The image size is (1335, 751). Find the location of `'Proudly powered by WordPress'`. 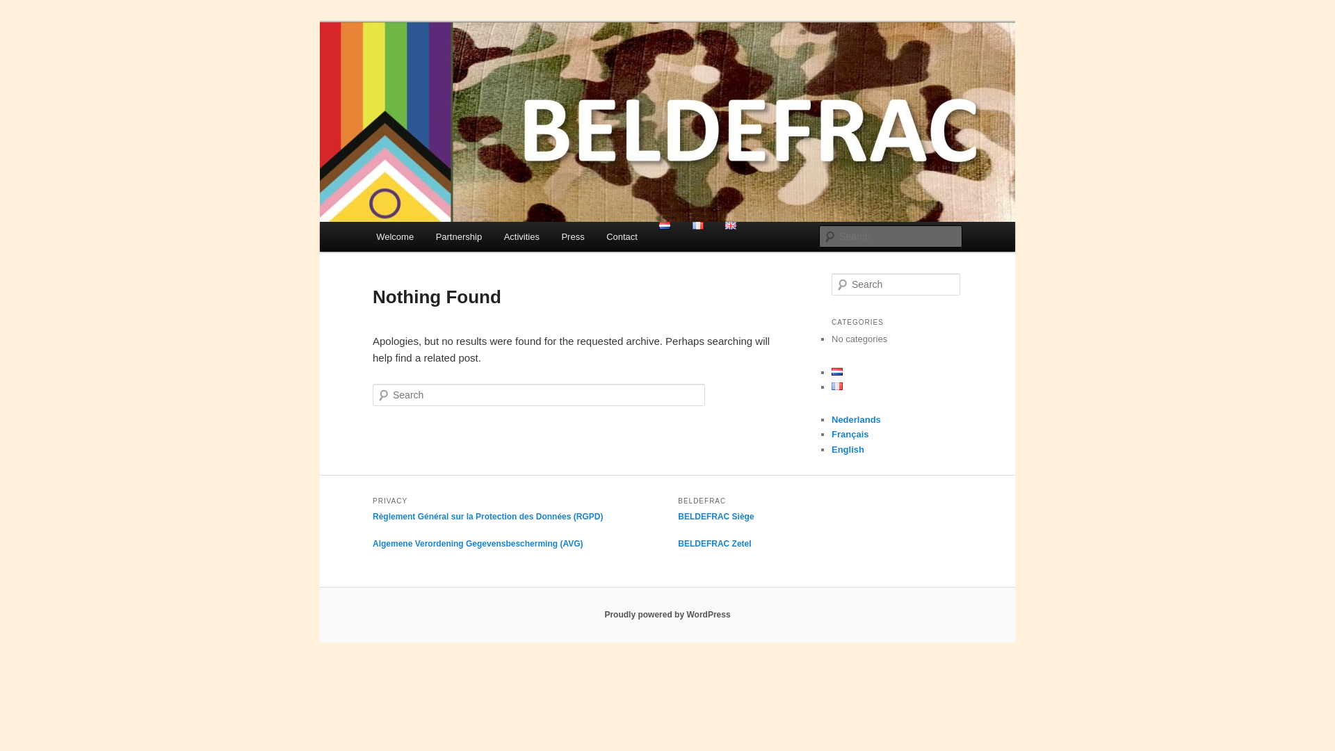

'Proudly powered by WordPress' is located at coordinates (666, 613).